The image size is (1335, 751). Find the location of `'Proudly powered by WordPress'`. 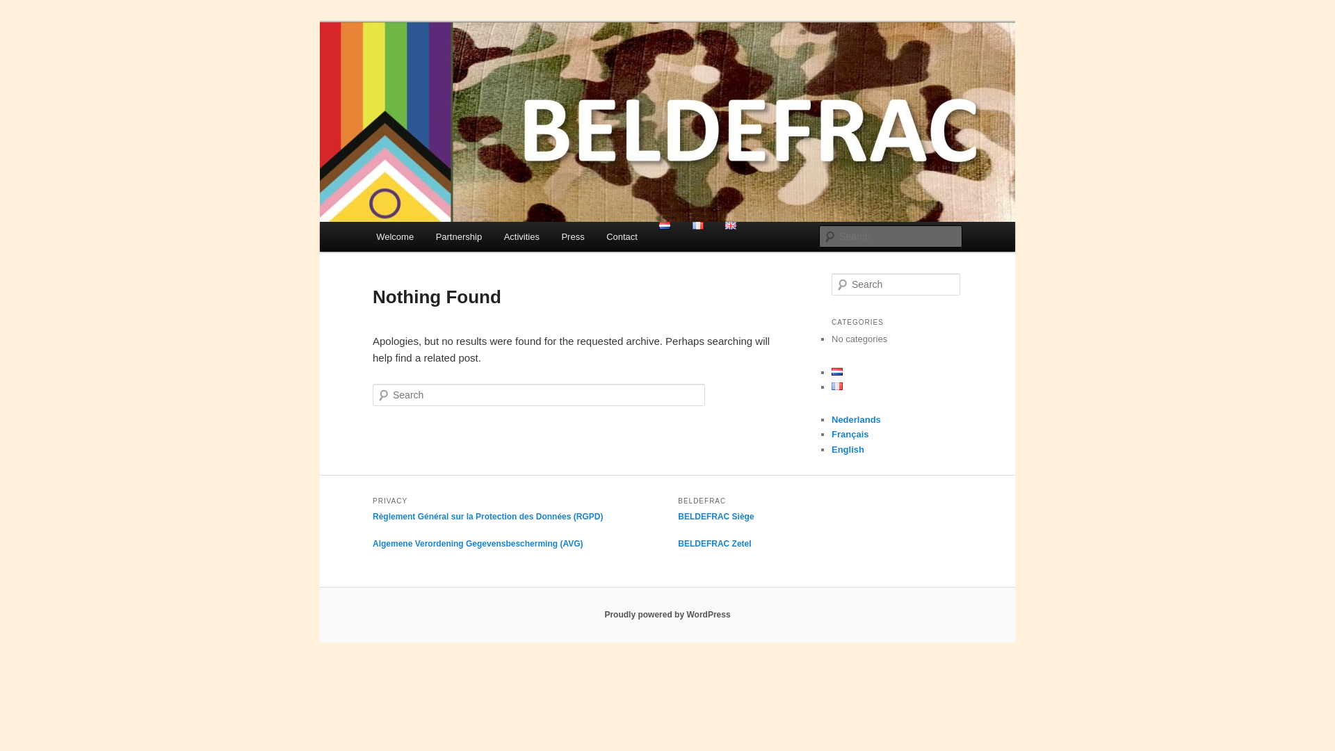

'Proudly powered by WordPress' is located at coordinates (666, 613).